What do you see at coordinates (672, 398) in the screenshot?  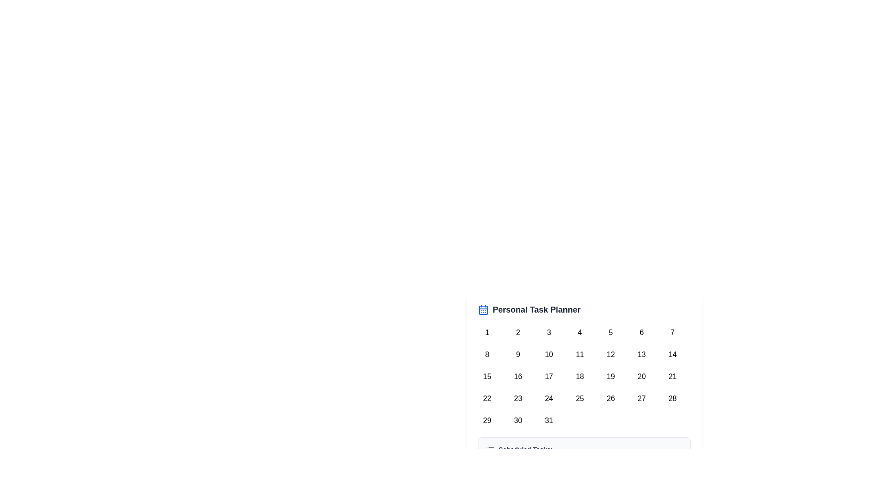 I see `the circular button representing the 28th day in the calendar view within the 'Personal Task Planner' to trigger the hover effect` at bounding box center [672, 398].